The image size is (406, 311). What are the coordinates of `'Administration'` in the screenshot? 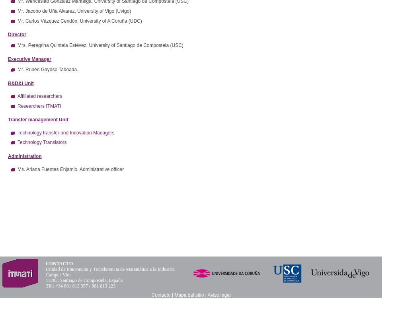 It's located at (25, 156).